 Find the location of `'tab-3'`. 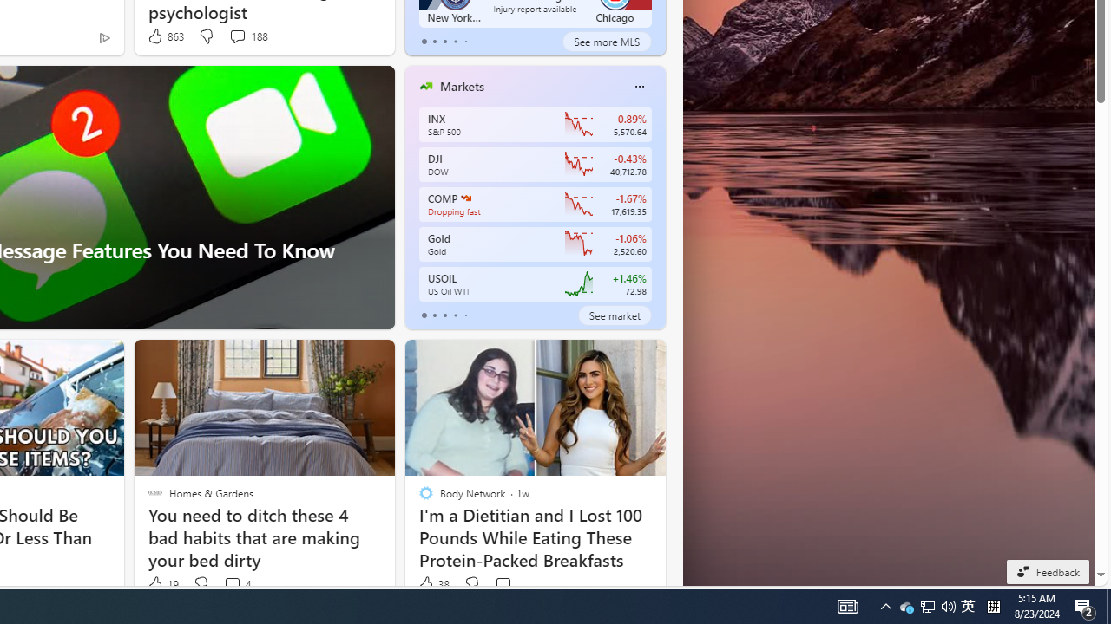

'tab-3' is located at coordinates (455, 315).